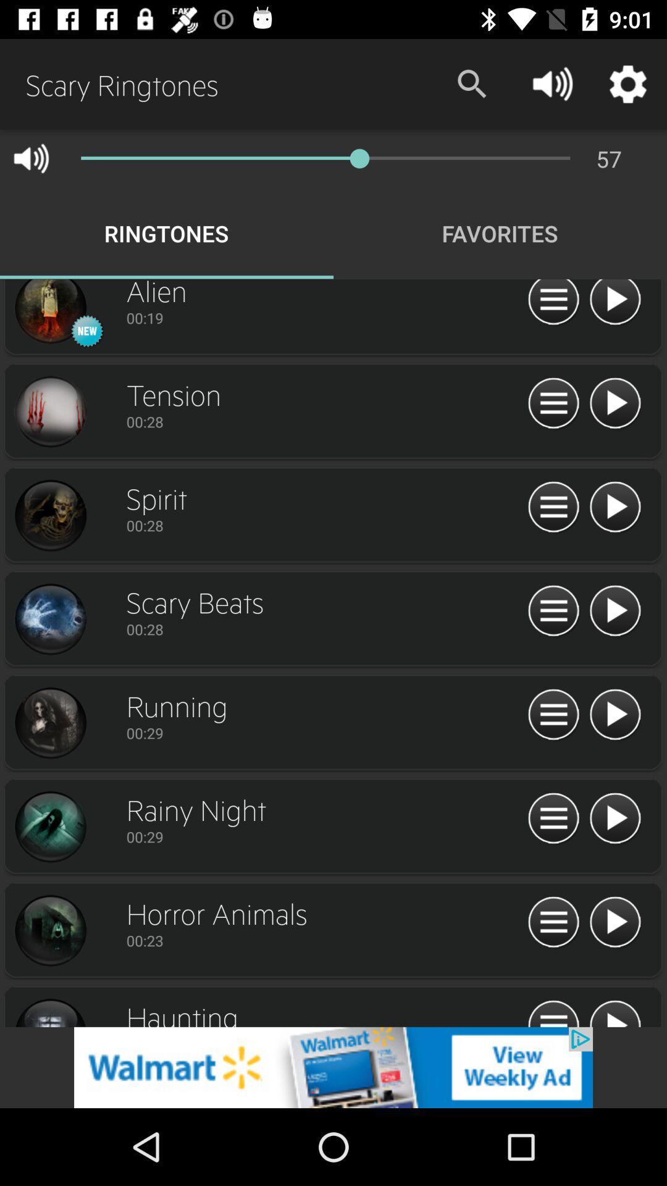  I want to click on clip, so click(615, 1012).